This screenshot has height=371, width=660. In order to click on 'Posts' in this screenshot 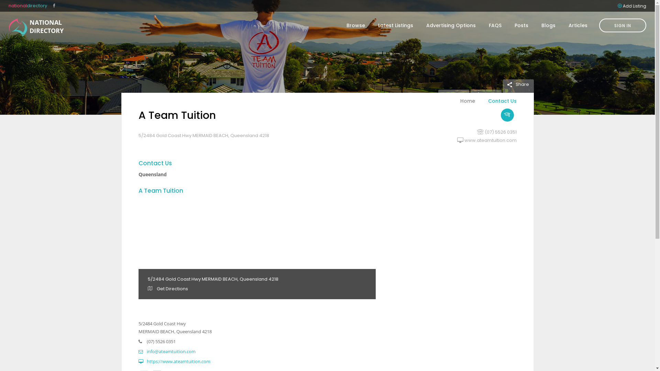, I will do `click(508, 25)`.